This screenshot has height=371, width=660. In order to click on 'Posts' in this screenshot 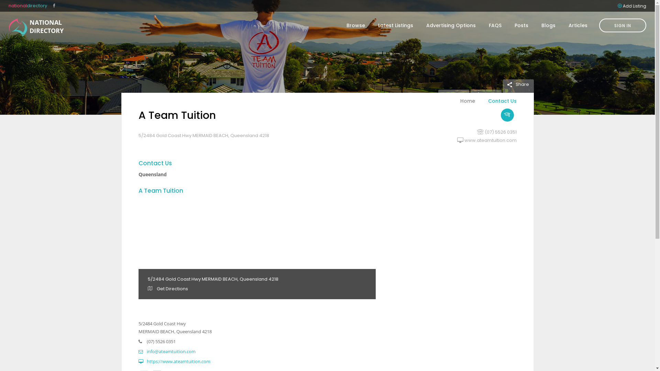, I will do `click(508, 25)`.